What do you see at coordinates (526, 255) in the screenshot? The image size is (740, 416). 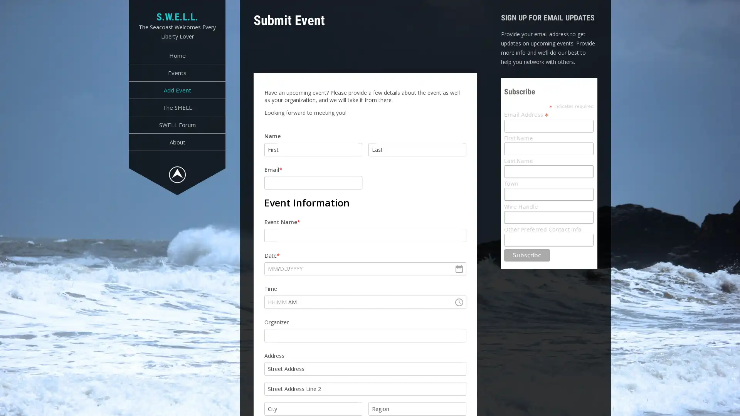 I see `Subscribe` at bounding box center [526, 255].